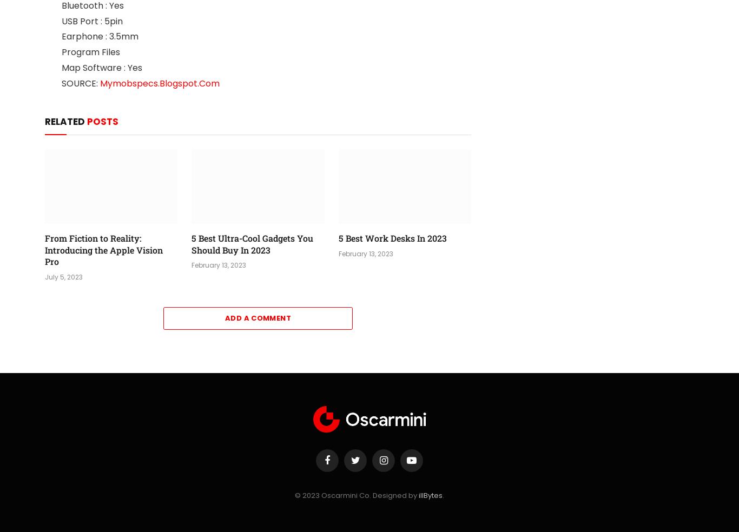 This screenshot has width=739, height=532. Describe the element at coordinates (356, 495) in the screenshot. I see `'© 2023 Oscarmini Co. Designed by'` at that location.